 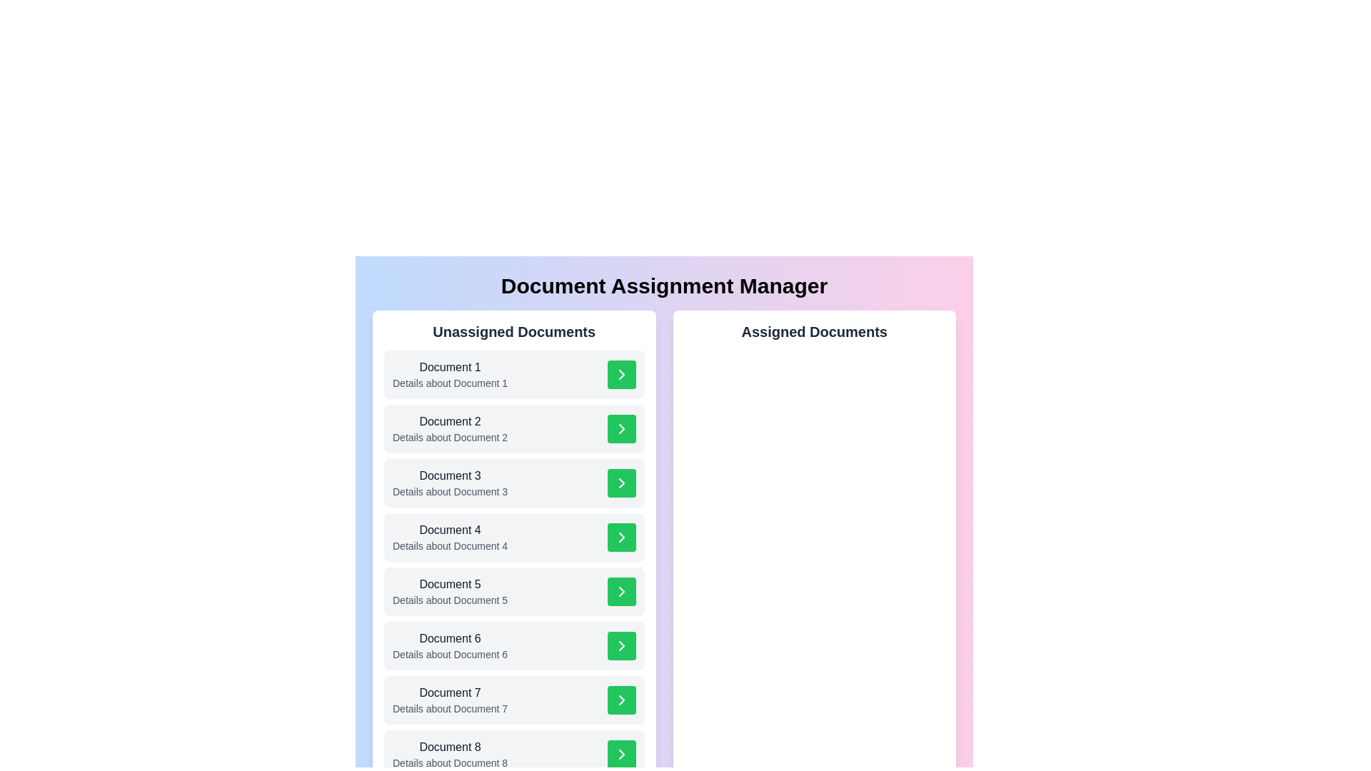 I want to click on the informative Text label that provides additional information for 'Document 3', located in the left panel titled 'Unassigned Documents', so click(x=449, y=491).